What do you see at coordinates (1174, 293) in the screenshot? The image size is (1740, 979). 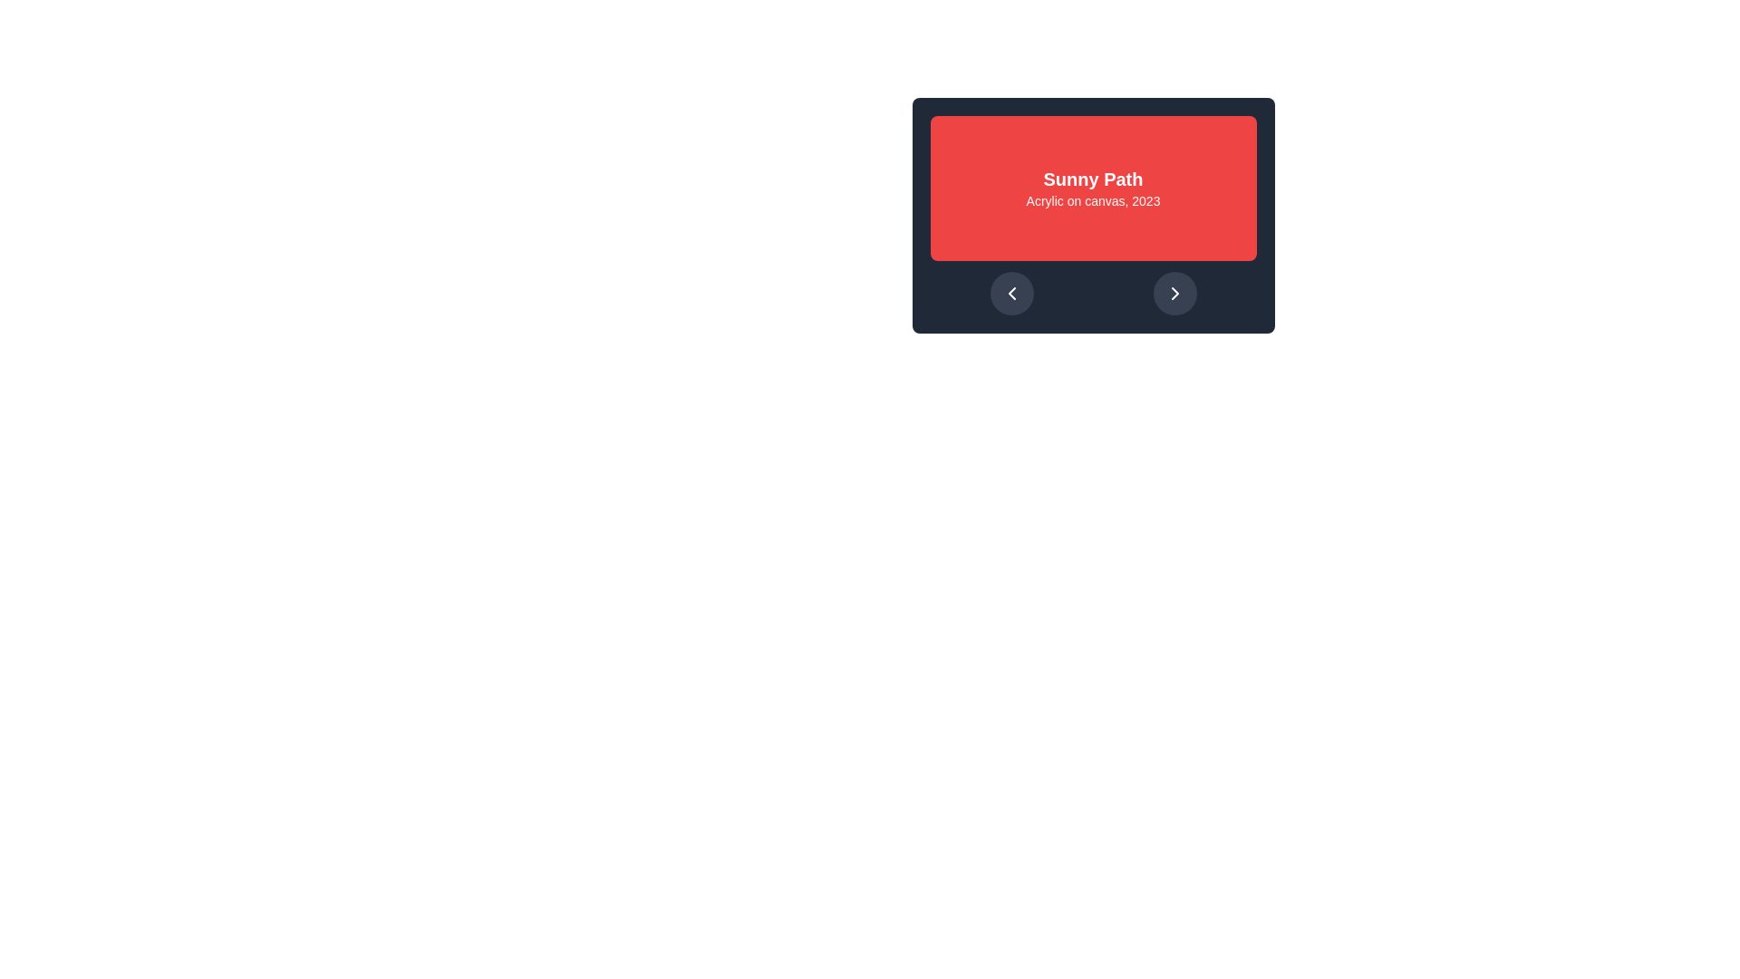 I see `the 'next' button located on the right side of the navigation control bar` at bounding box center [1174, 293].